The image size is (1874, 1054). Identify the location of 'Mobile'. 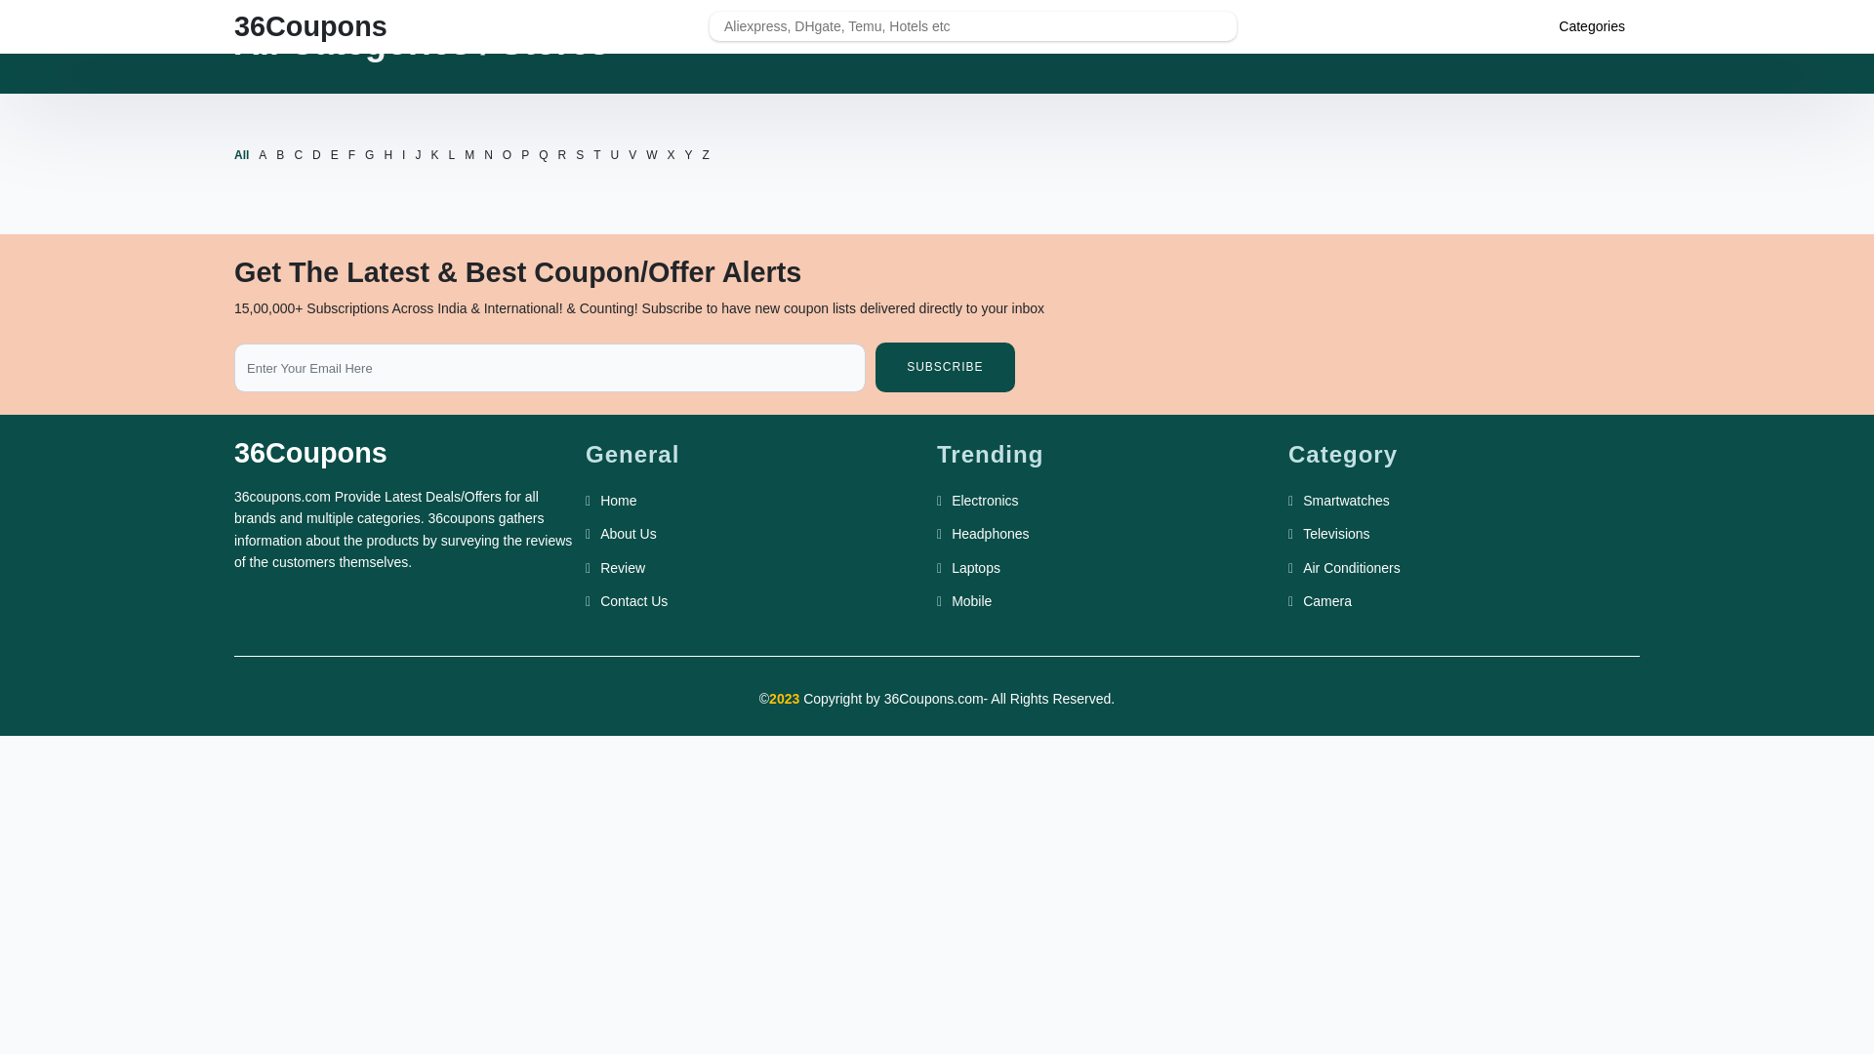
(971, 600).